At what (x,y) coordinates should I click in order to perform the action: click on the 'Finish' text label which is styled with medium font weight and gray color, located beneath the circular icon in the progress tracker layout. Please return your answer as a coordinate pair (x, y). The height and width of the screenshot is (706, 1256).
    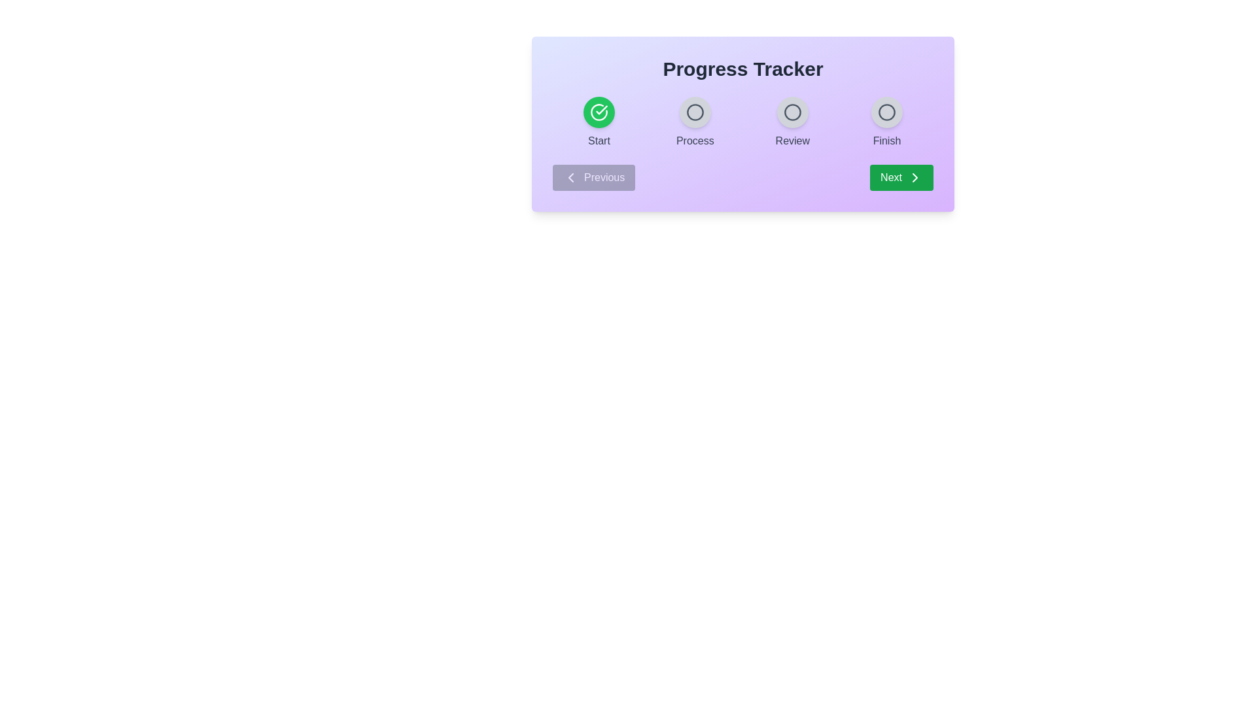
    Looking at the image, I should click on (886, 141).